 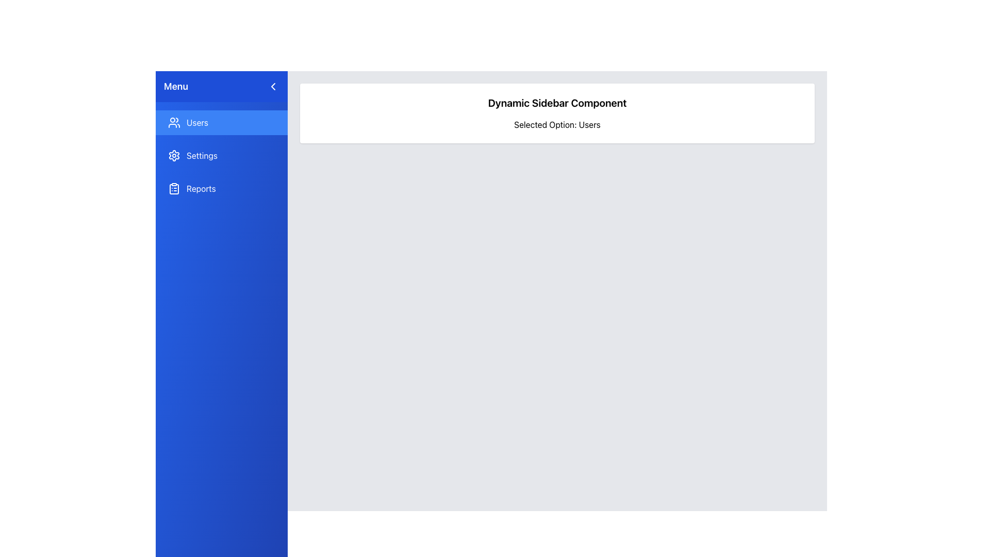 I want to click on the clipboard list icon in the sidebar menu next to the 'Reports' menu item, so click(x=174, y=189).